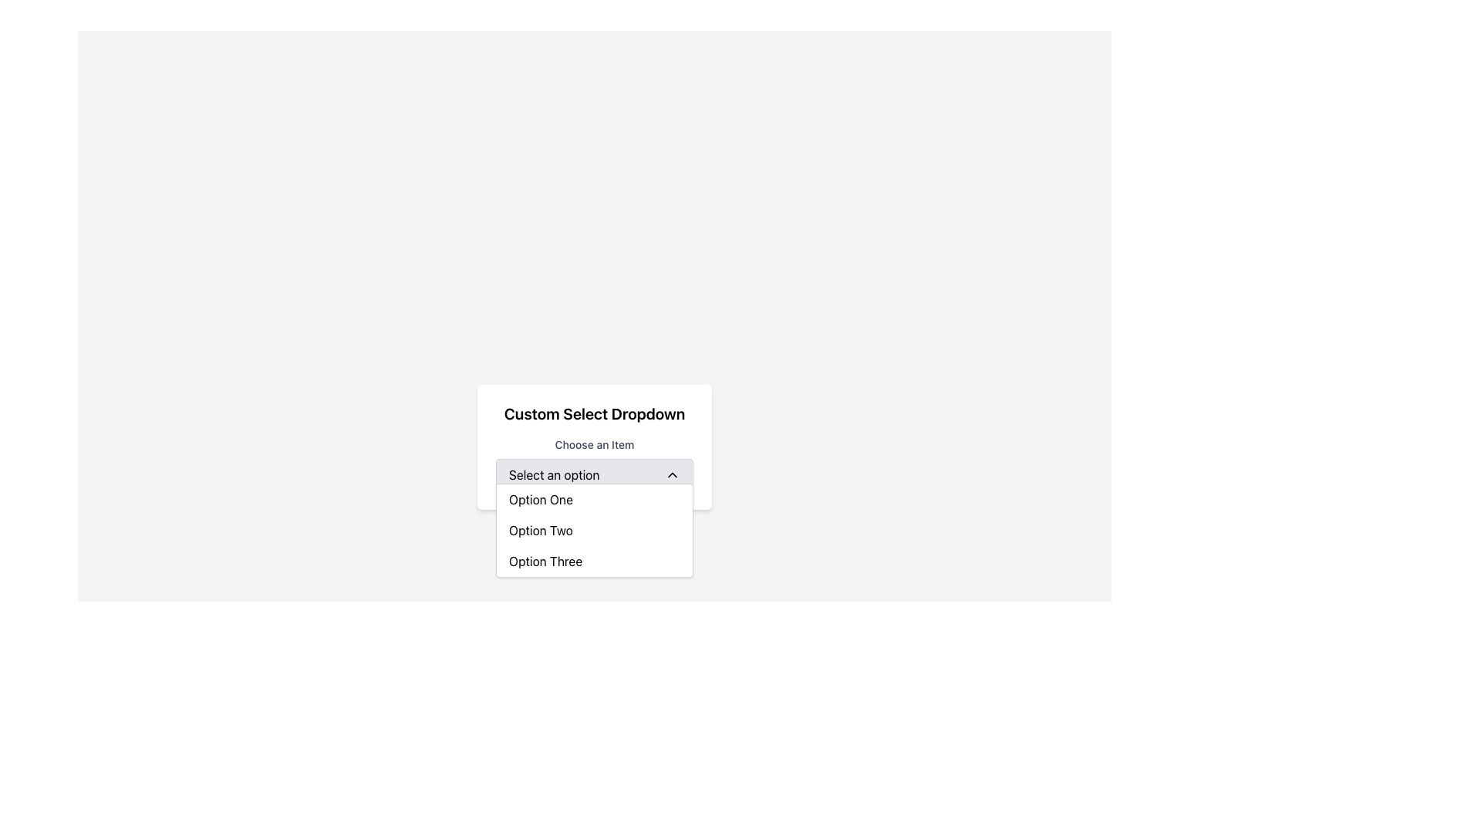 This screenshot has width=1481, height=833. What do you see at coordinates (594, 529) in the screenshot?
I see `the second option item in the dropdown menu labeled 'Option Two'` at bounding box center [594, 529].